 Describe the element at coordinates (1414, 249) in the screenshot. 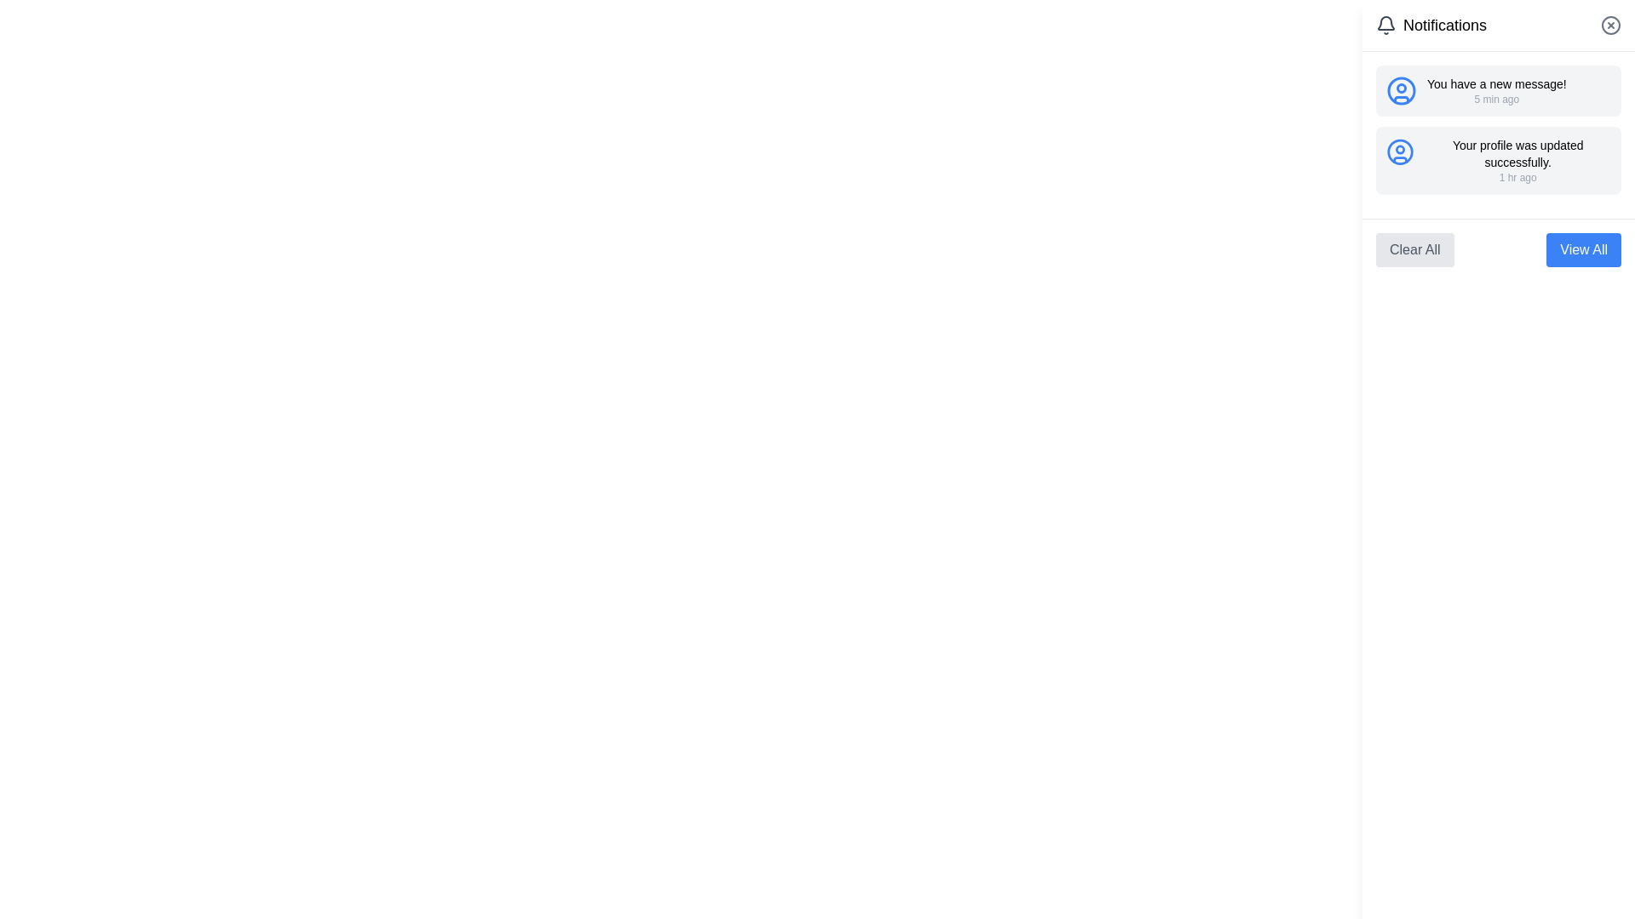

I see `the 'Clear All' button, which is a rectangular button with rounded corners located in the footer of the notification panel, to clear all notifications` at that location.